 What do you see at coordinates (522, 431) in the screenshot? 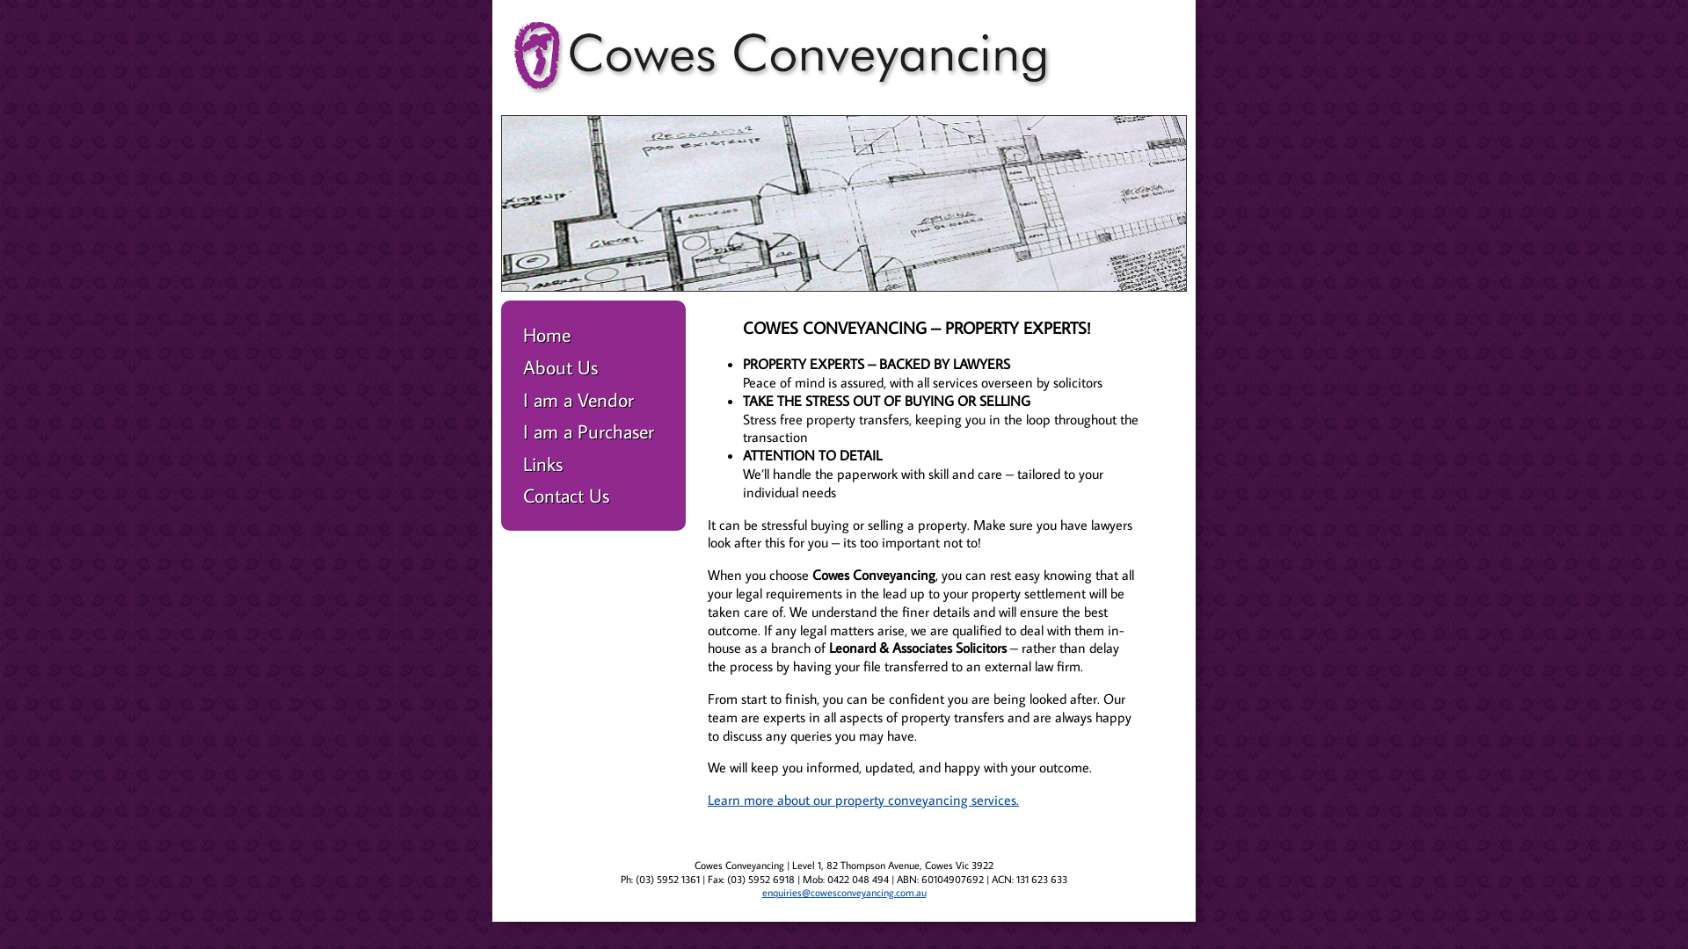
I see `'I am a Purchaser'` at bounding box center [522, 431].